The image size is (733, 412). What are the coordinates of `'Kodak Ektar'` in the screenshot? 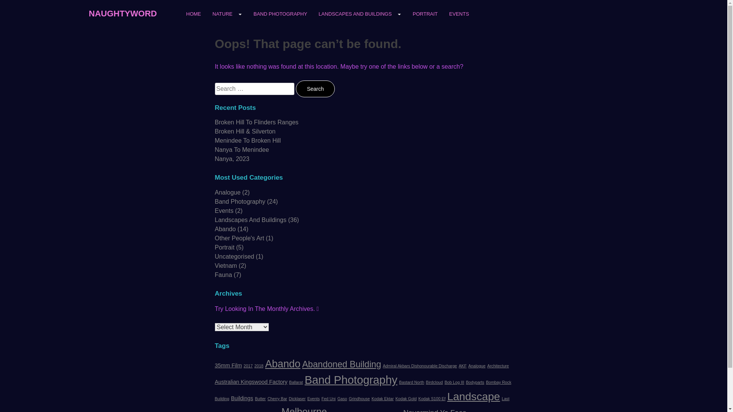 It's located at (371, 398).